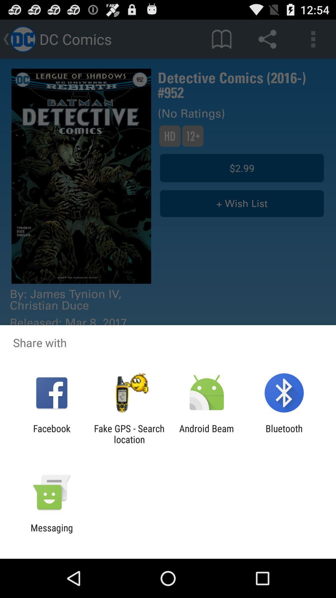 The width and height of the screenshot is (336, 598). What do you see at coordinates (129, 434) in the screenshot?
I see `the item next to android beam item` at bounding box center [129, 434].